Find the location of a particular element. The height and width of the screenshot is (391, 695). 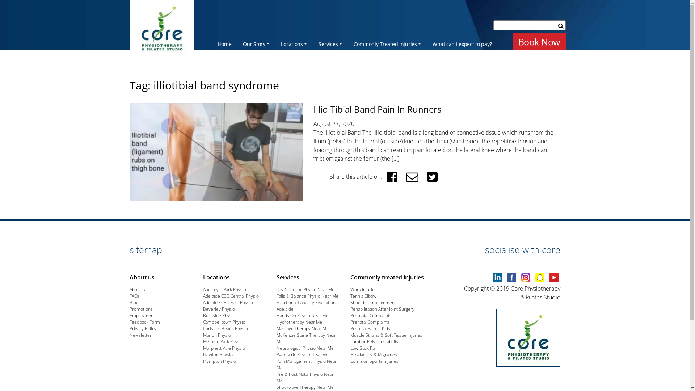

'Rehabilitation After Joint Surgery' is located at coordinates (350, 309).